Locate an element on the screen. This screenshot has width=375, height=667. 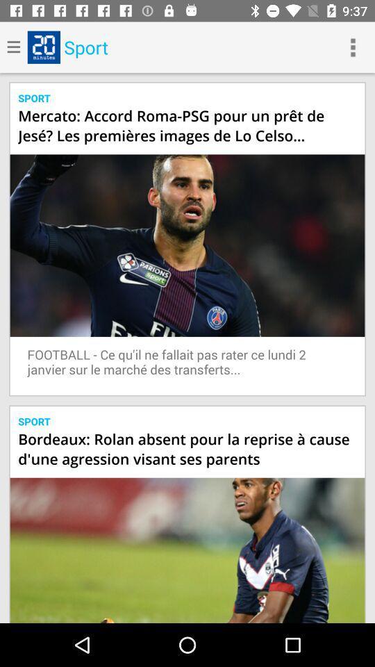
the first image of the page is located at coordinates (187, 245).